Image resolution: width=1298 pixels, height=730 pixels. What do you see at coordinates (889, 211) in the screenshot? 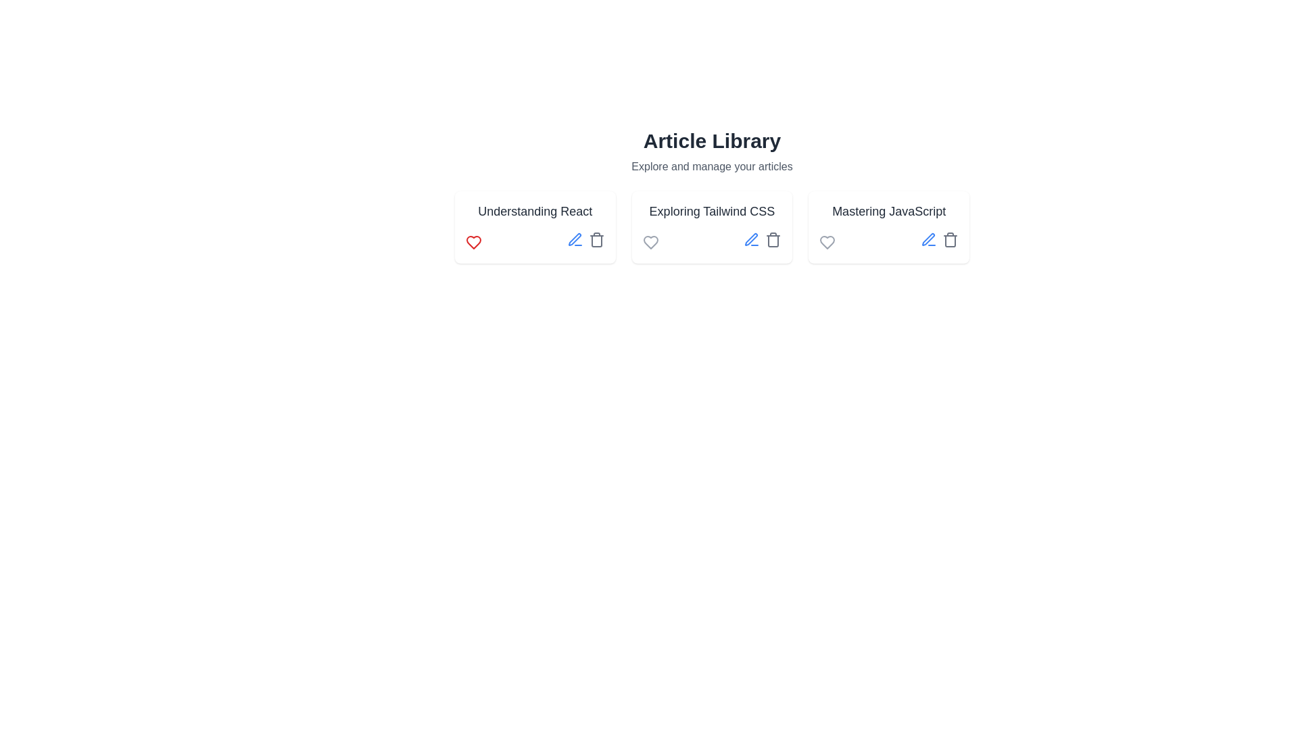
I see `the text label that serves as the title for the last content card in the 'Article Library' section, located near the top of the card` at bounding box center [889, 211].